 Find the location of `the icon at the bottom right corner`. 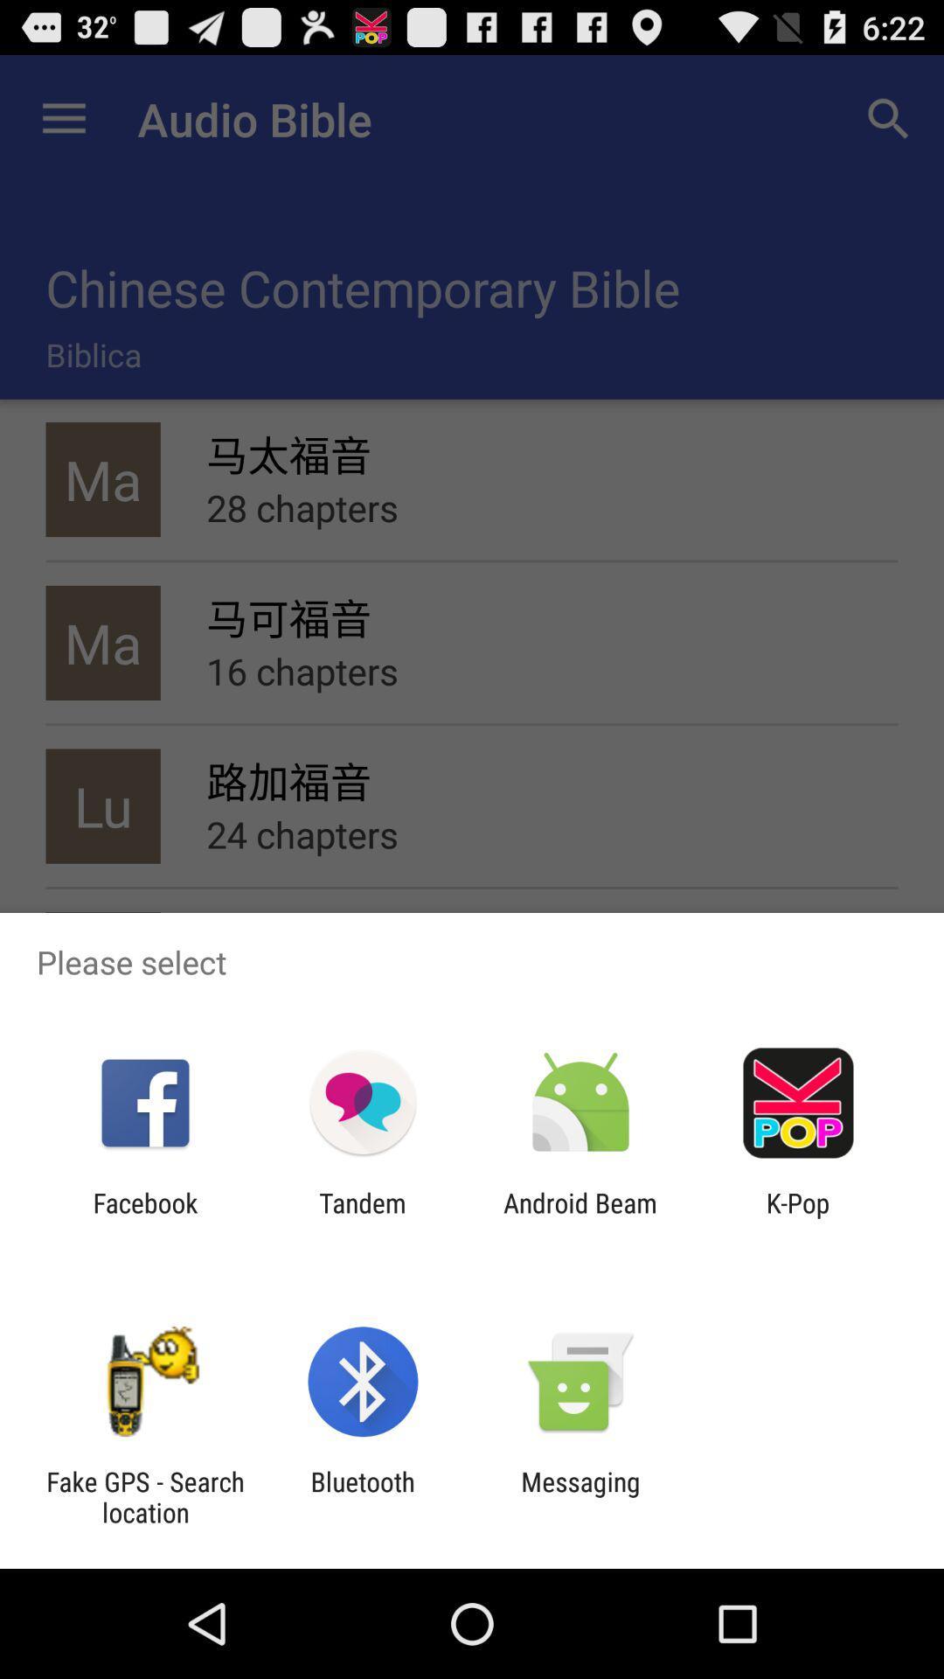

the icon at the bottom right corner is located at coordinates (798, 1217).